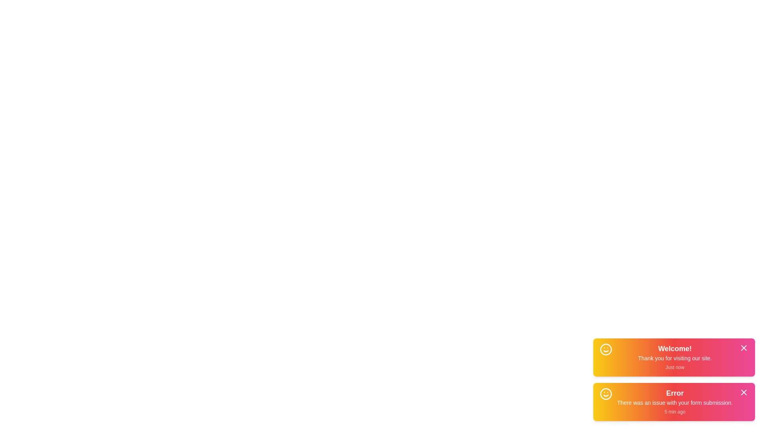  I want to click on the smile icon in the first message, so click(606, 349).